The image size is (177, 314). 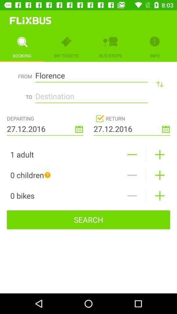 What do you see at coordinates (159, 154) in the screenshot?
I see `ticket` at bounding box center [159, 154].